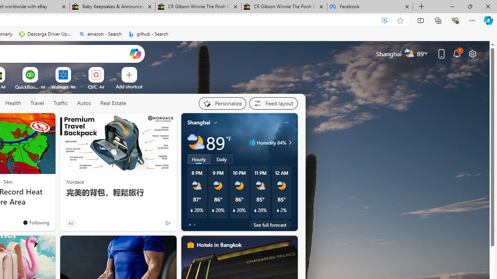  I want to click on 'Notifications', so click(457, 53).